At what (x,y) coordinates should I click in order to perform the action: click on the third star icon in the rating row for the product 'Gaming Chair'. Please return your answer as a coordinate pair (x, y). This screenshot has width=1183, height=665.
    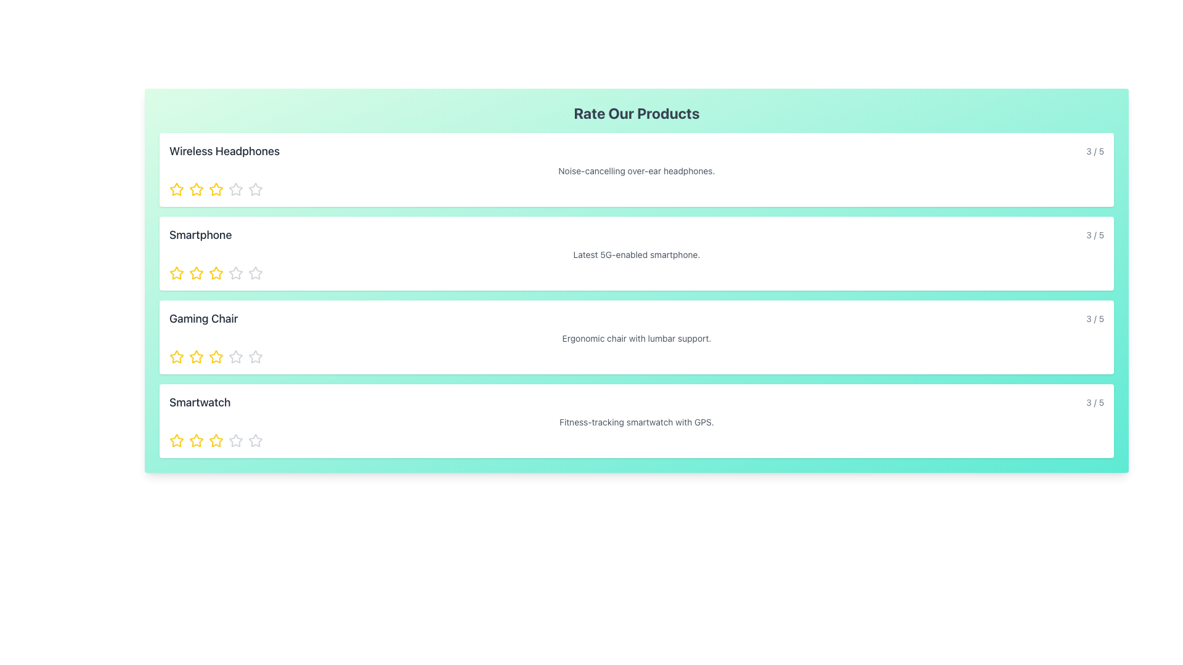
    Looking at the image, I should click on (254, 357).